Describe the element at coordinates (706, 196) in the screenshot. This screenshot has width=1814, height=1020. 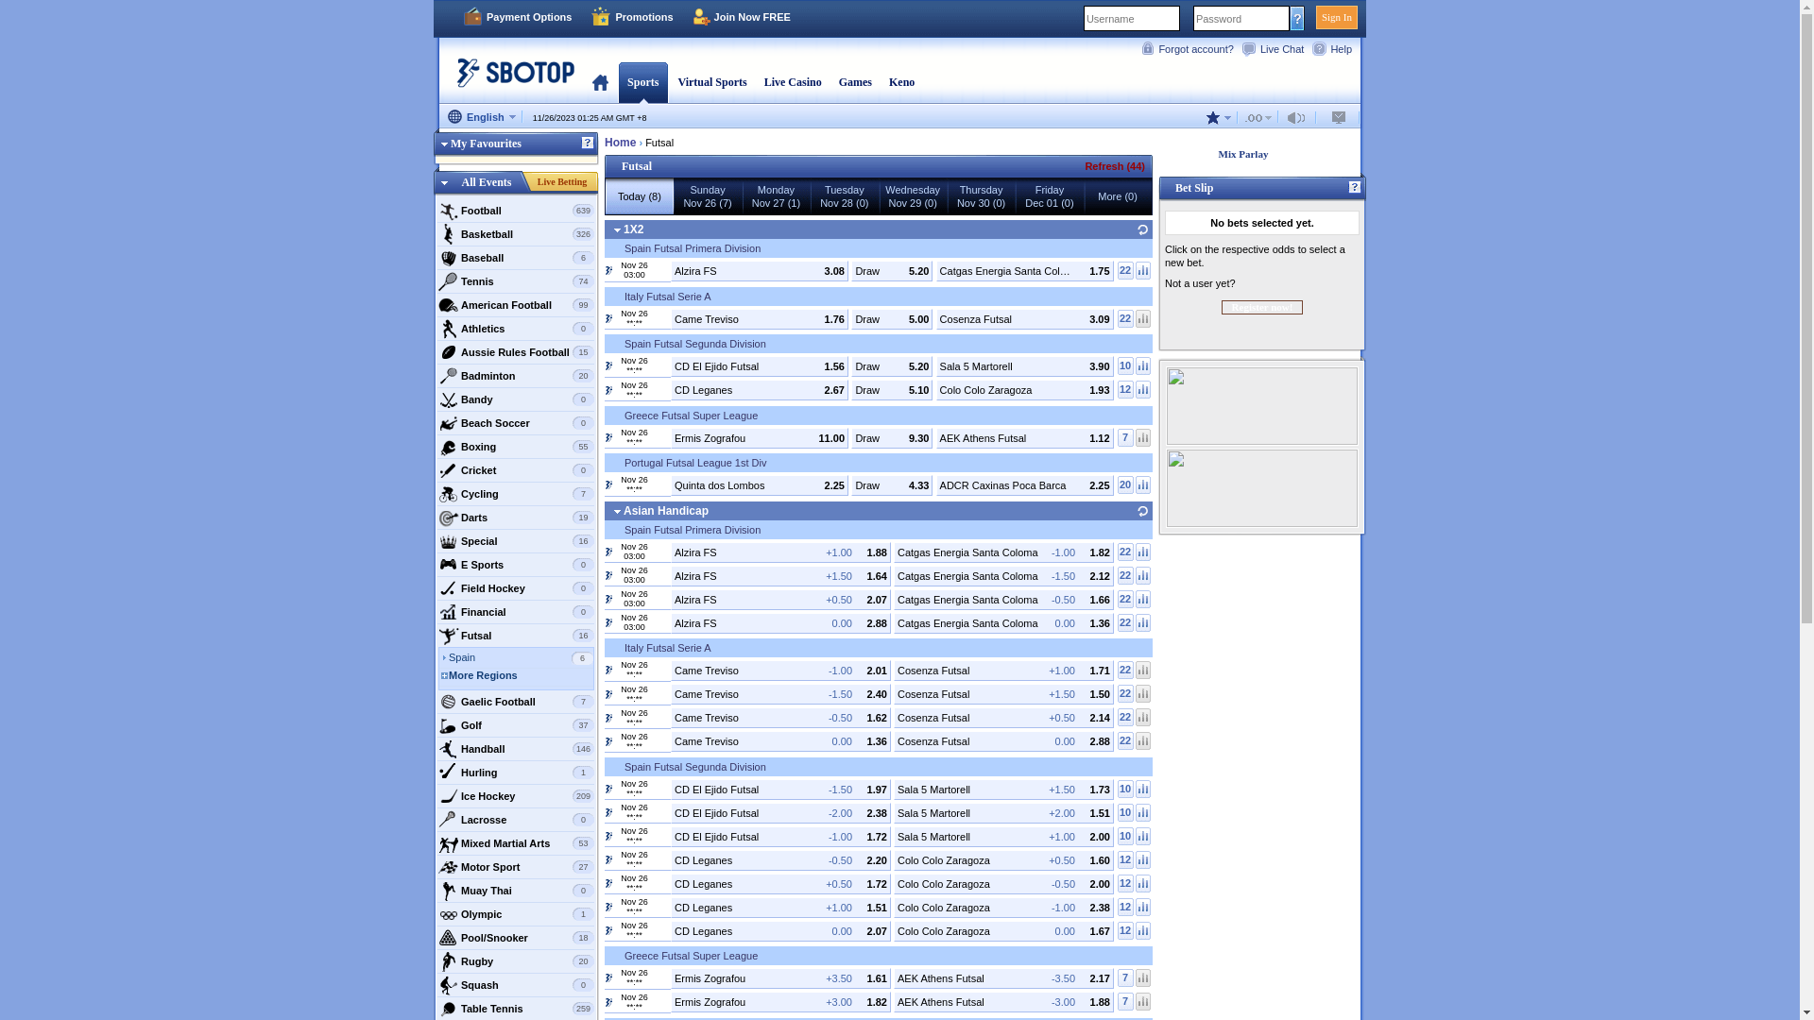
I see `'Sunday` at that location.